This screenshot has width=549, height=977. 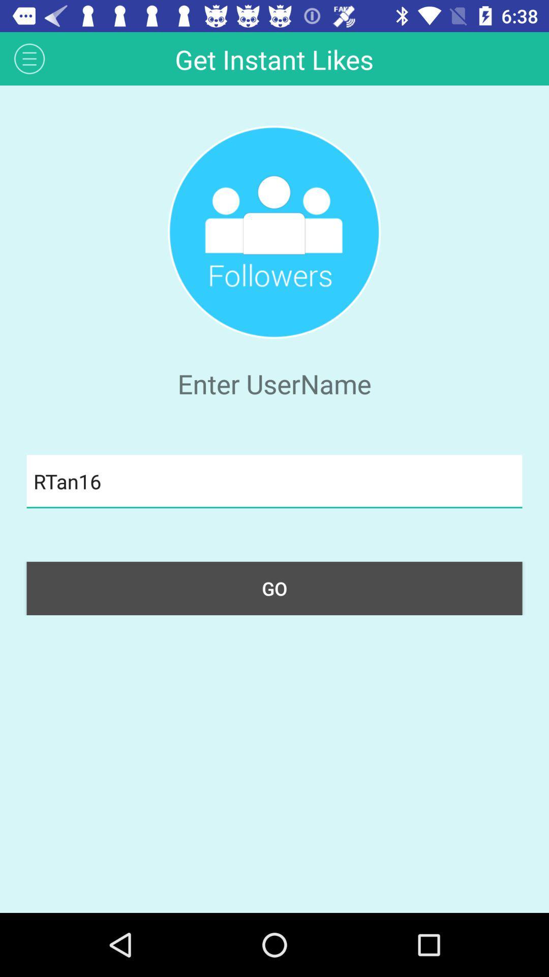 I want to click on item below rtan16 item, so click(x=274, y=588).